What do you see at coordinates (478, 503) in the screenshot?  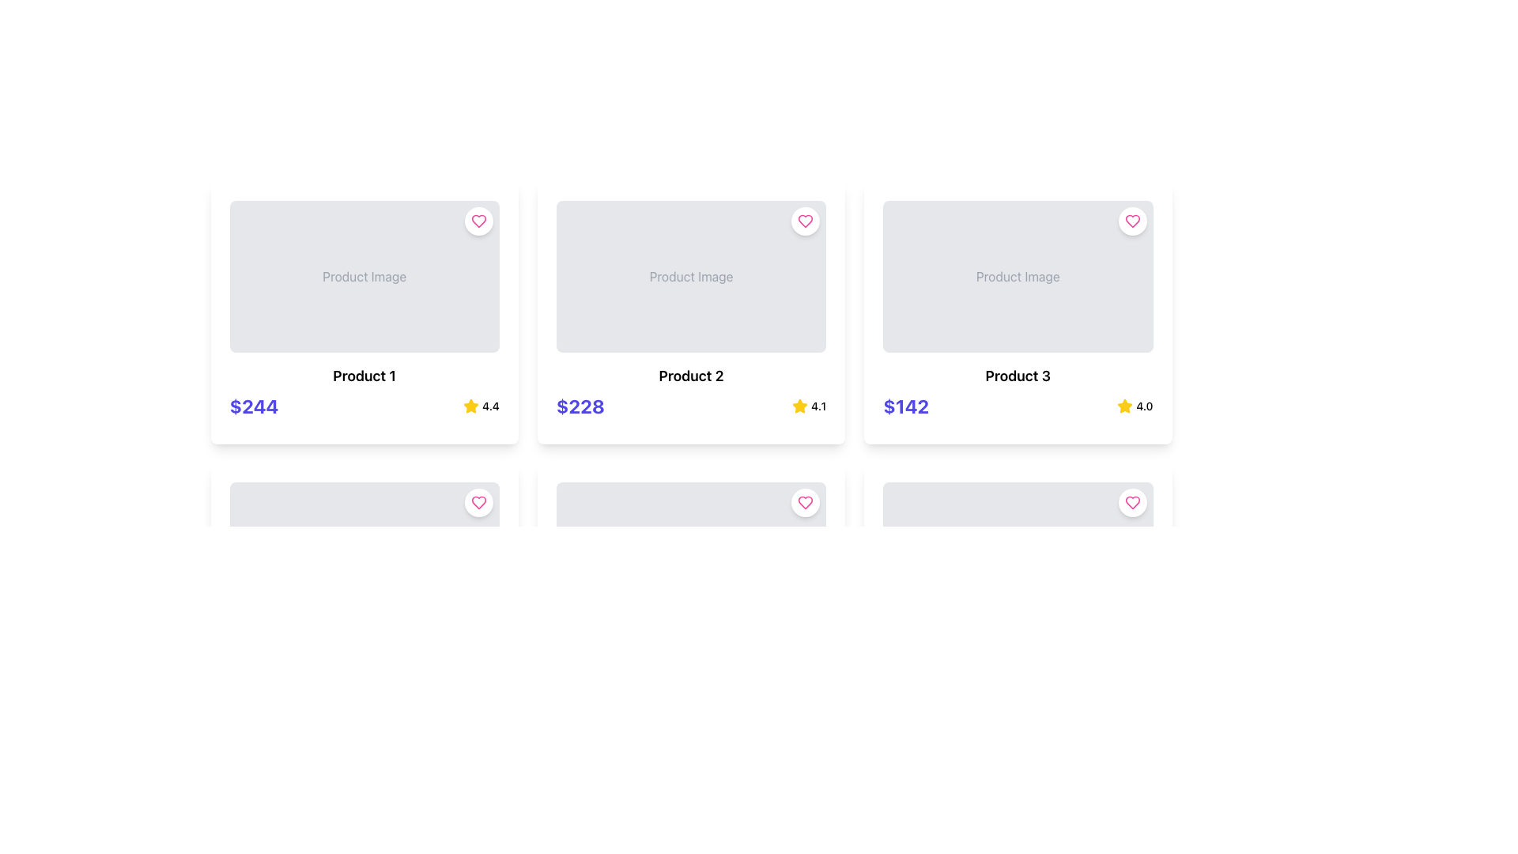 I see `the heart-shaped icon with a pink outline to mark the product as favorite` at bounding box center [478, 503].